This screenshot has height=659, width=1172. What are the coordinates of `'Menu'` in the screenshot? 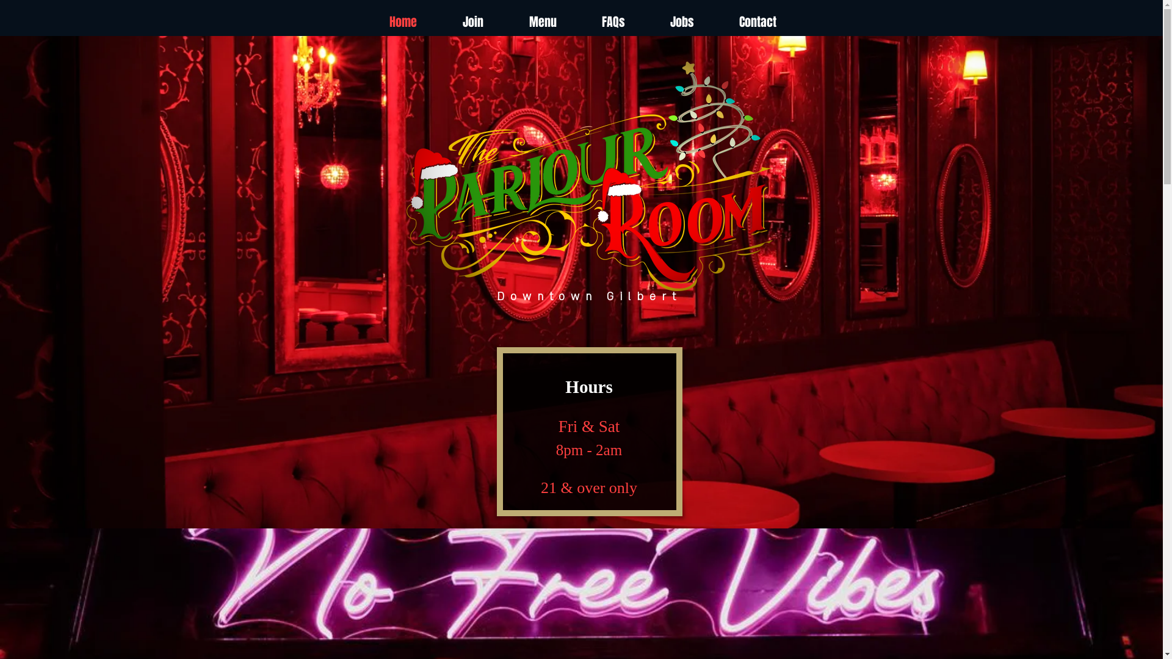 It's located at (507, 21).